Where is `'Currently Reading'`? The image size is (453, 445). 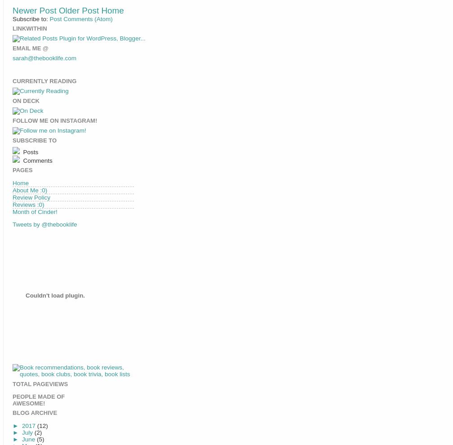
'Currently Reading' is located at coordinates (44, 81).